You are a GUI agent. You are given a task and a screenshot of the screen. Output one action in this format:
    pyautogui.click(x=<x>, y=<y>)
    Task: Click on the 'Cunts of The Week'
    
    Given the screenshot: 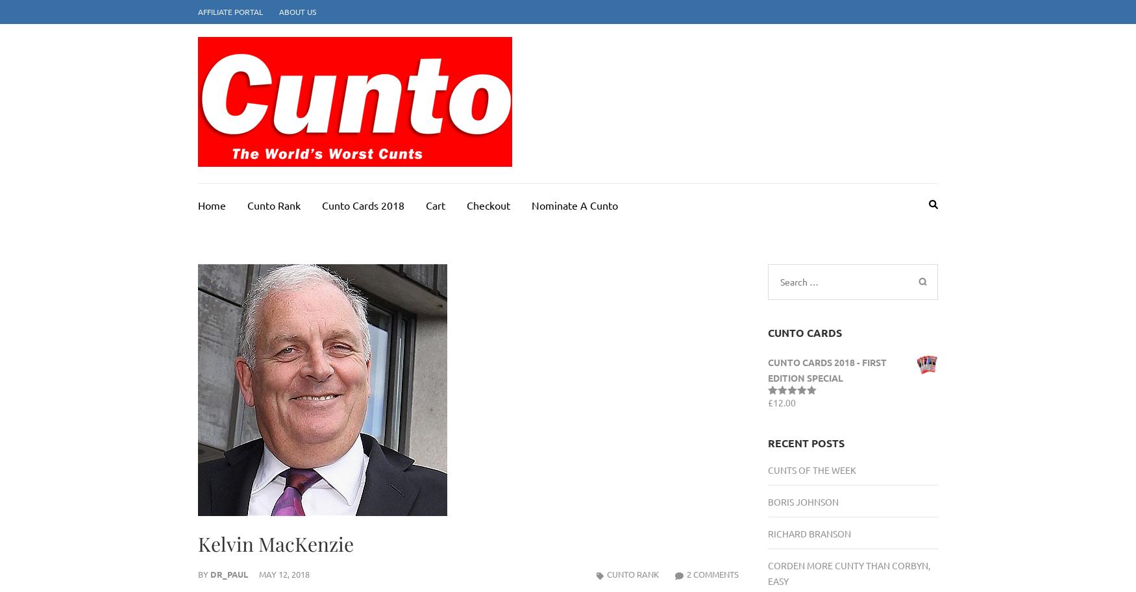 What is the action you would take?
    pyautogui.click(x=811, y=469)
    